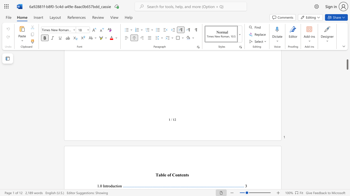 The width and height of the screenshot is (350, 196). What do you see at coordinates (107, 186) in the screenshot?
I see `the 1th character "t" in the text` at bounding box center [107, 186].